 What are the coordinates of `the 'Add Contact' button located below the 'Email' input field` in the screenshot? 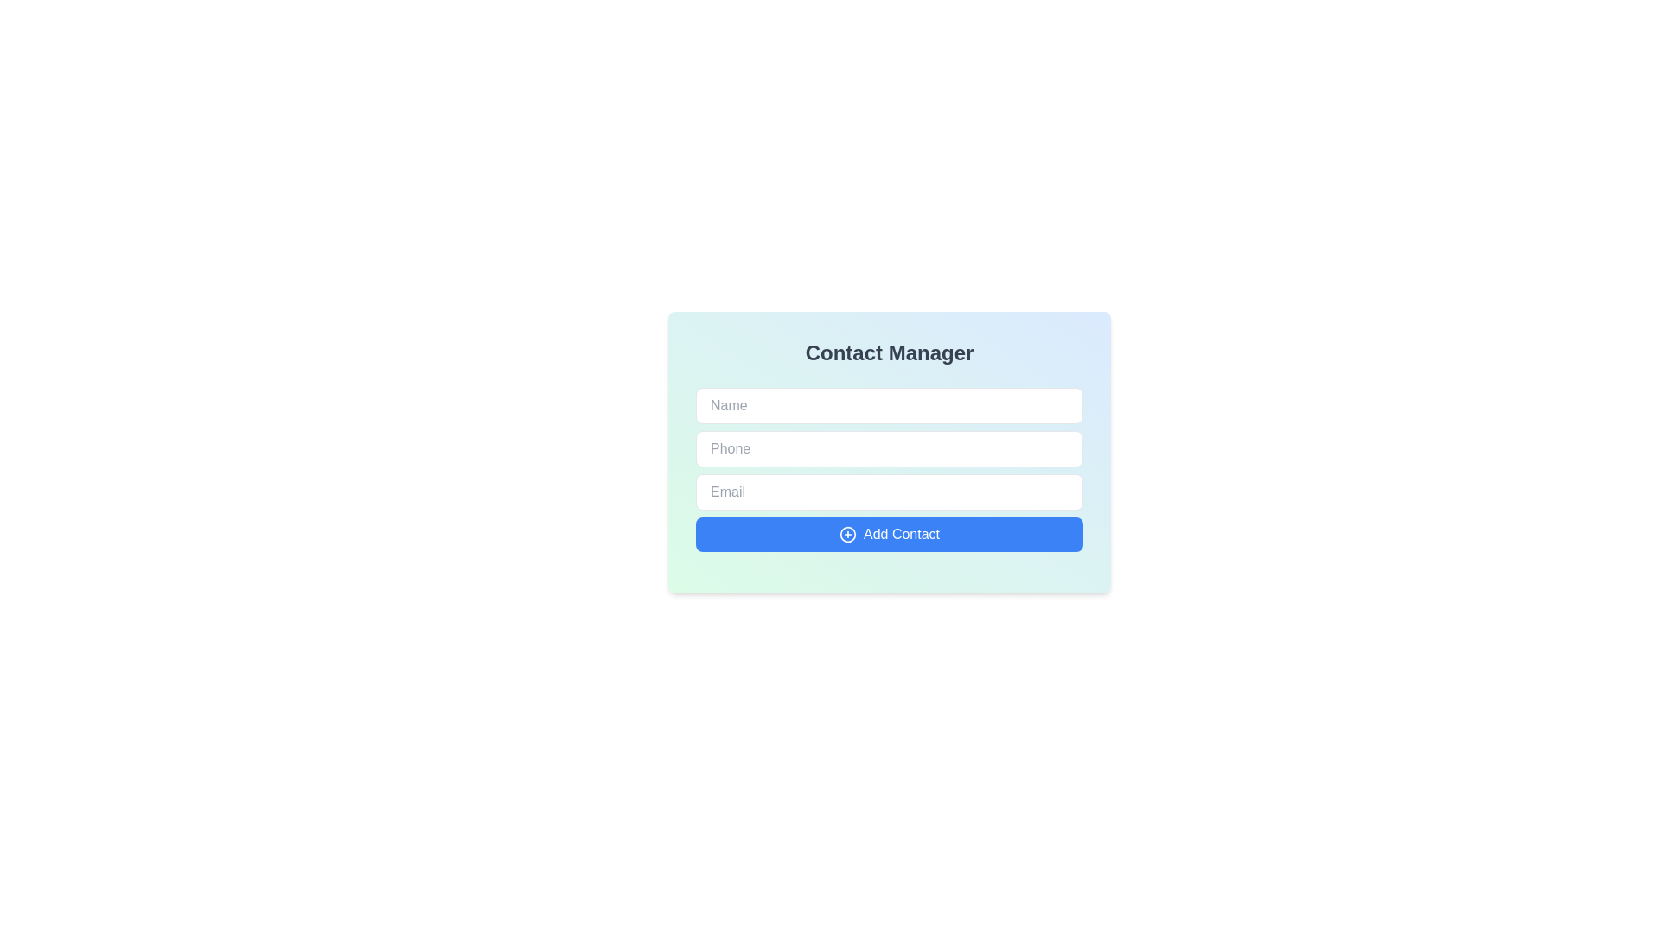 It's located at (889, 533).